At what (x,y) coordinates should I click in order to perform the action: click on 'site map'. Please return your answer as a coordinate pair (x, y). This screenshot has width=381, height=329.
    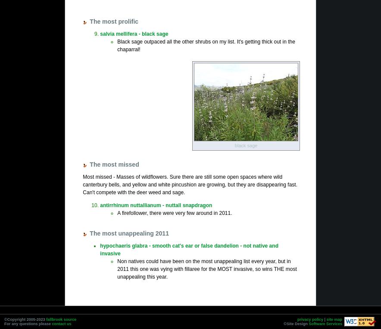
    Looking at the image, I should click on (334, 319).